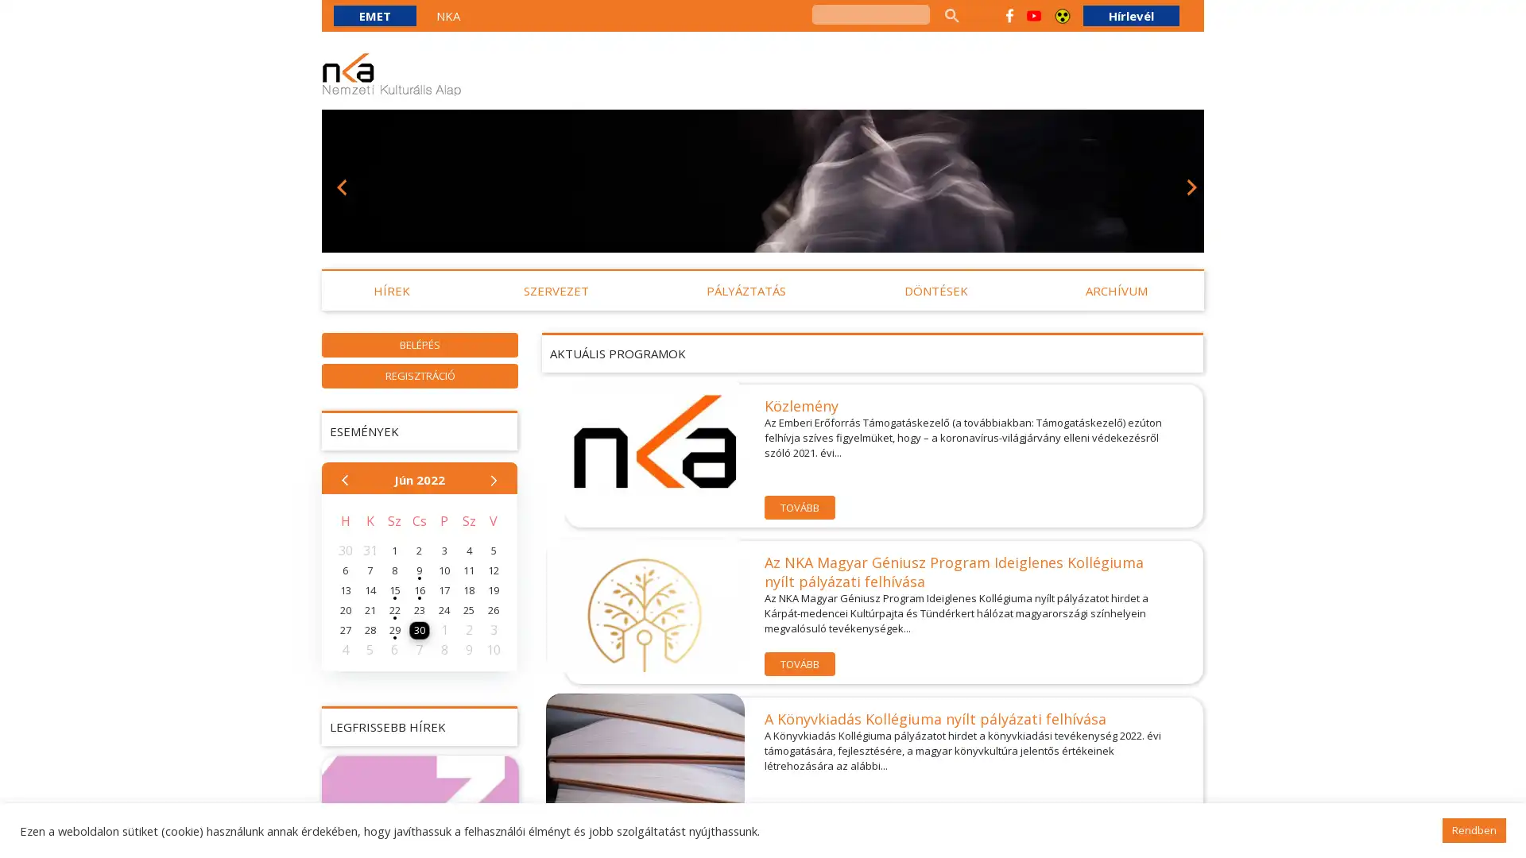 Image resolution: width=1526 pixels, height=858 pixels. Describe the element at coordinates (746, 291) in the screenshot. I see `PALYAZTATAS` at that location.